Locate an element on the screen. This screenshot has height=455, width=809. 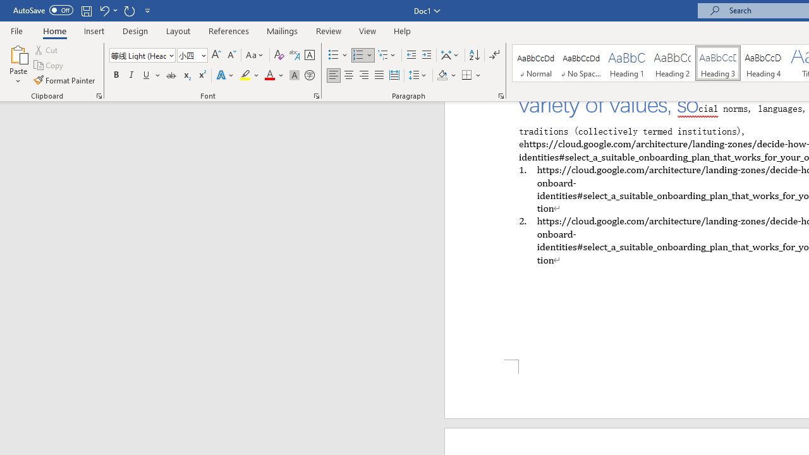
'Undo Paragraph Alignment' is located at coordinates (107, 10).